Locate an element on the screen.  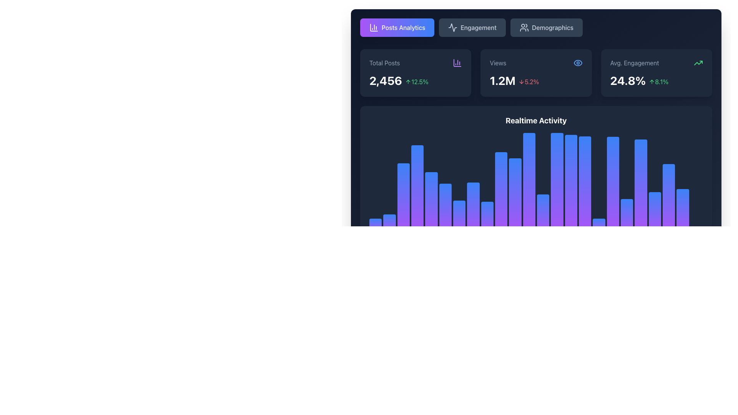
the informational card that displays total views and percentage change, located in the top row between the 'Total Posts' and 'Avg. Engagement' cards is located at coordinates (536, 73).